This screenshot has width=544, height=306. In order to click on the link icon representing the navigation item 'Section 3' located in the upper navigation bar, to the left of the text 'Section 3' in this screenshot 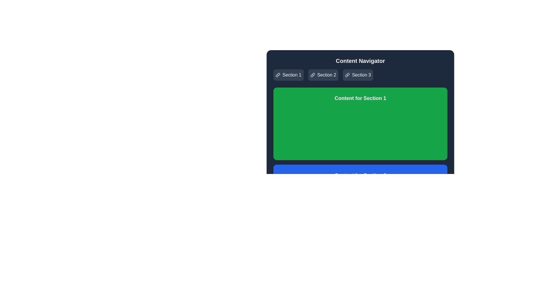, I will do `click(346, 75)`.